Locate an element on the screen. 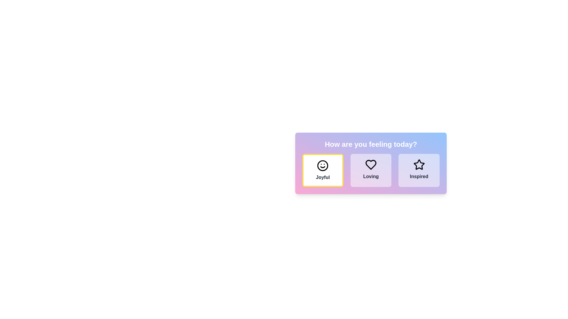 Image resolution: width=568 pixels, height=319 pixels. the heart icon button with a light purple background is located at coordinates (370, 165).